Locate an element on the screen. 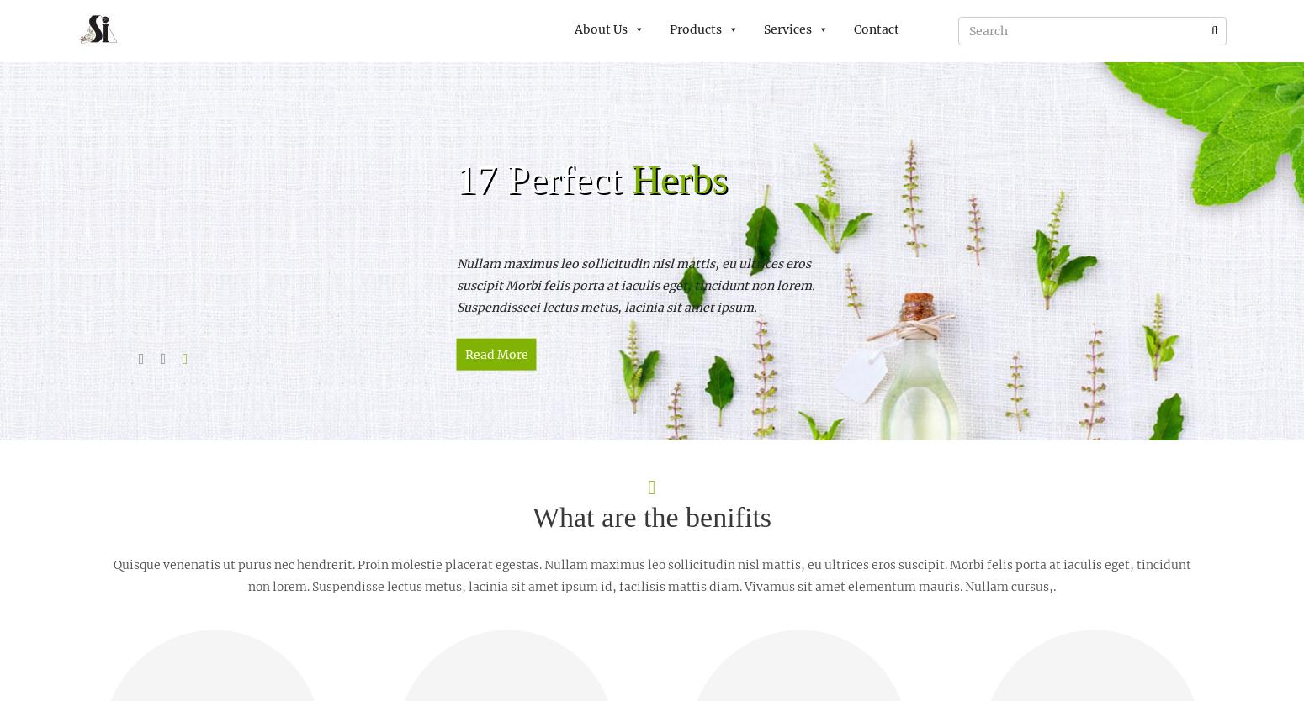 The height and width of the screenshot is (701, 1304). 'Read More' is located at coordinates (496, 354).